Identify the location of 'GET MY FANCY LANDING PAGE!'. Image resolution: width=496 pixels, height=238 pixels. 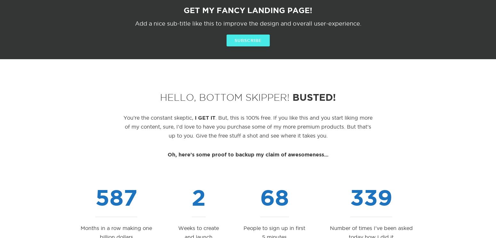
(248, 10).